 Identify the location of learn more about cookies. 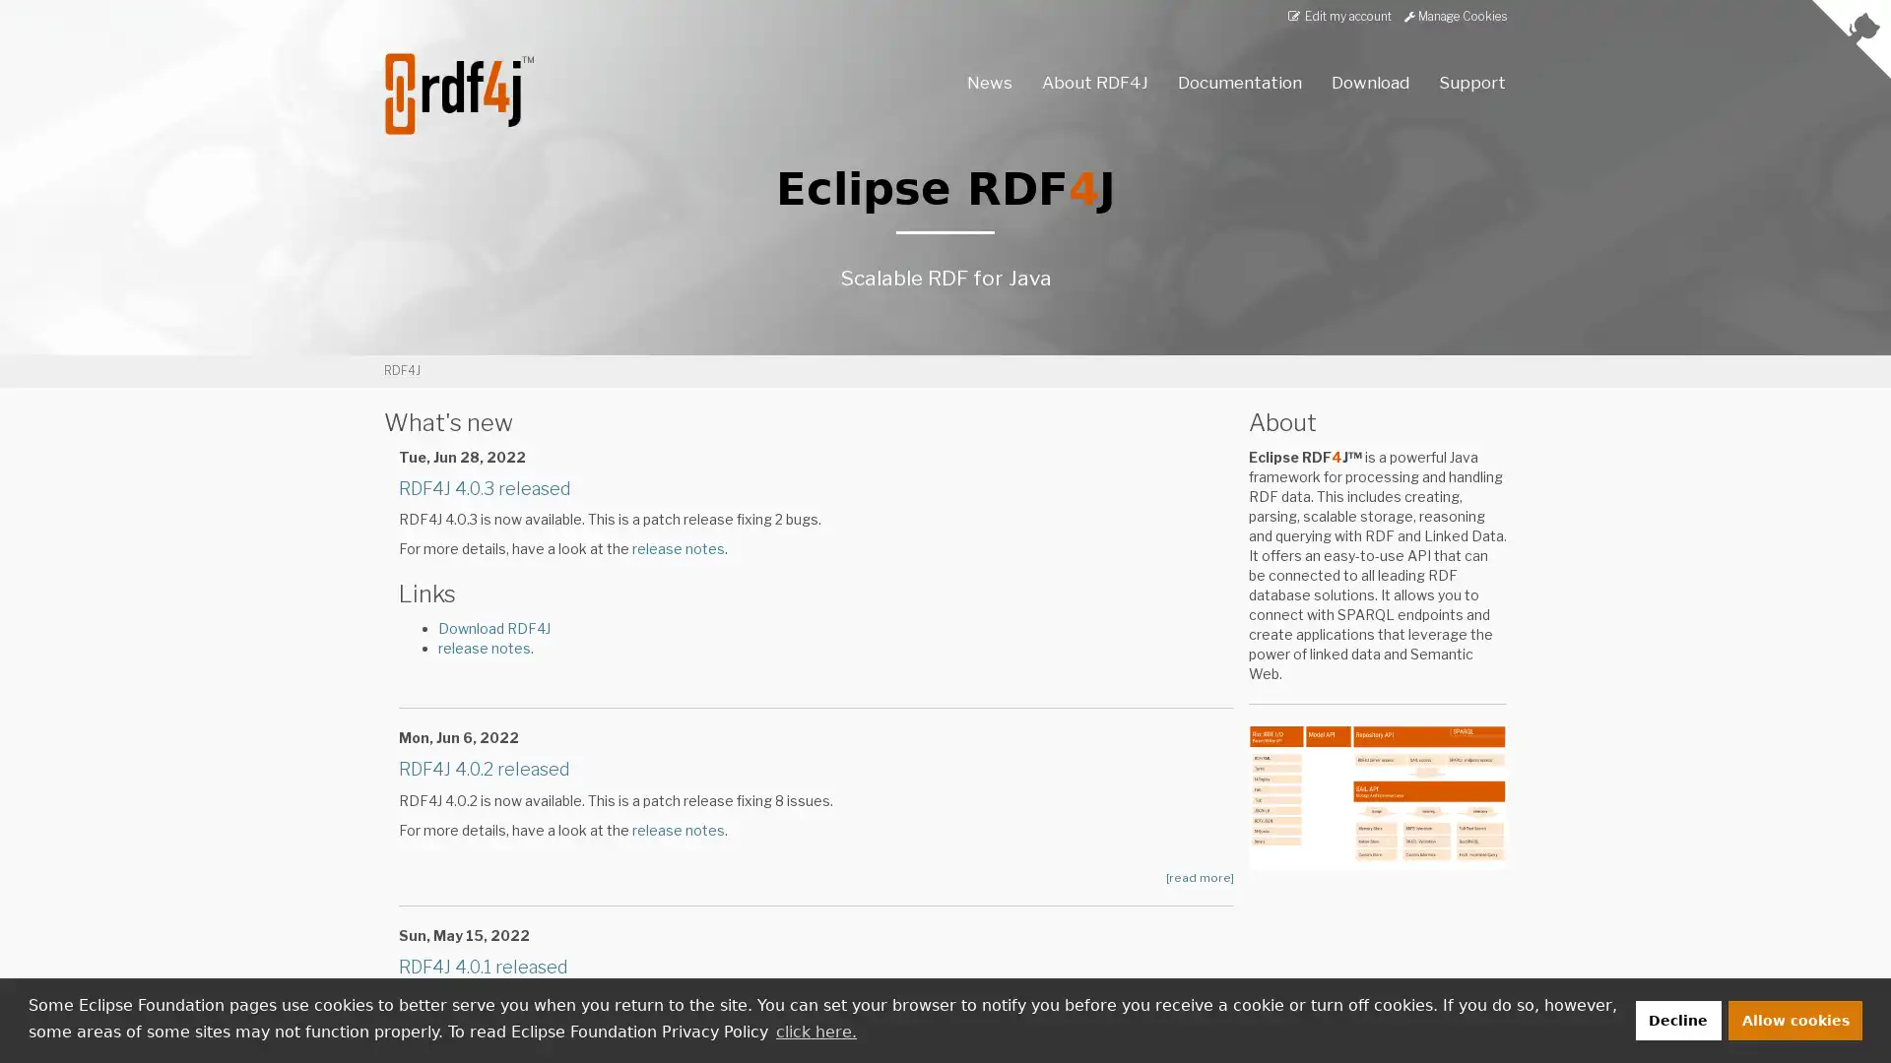
(815, 1031).